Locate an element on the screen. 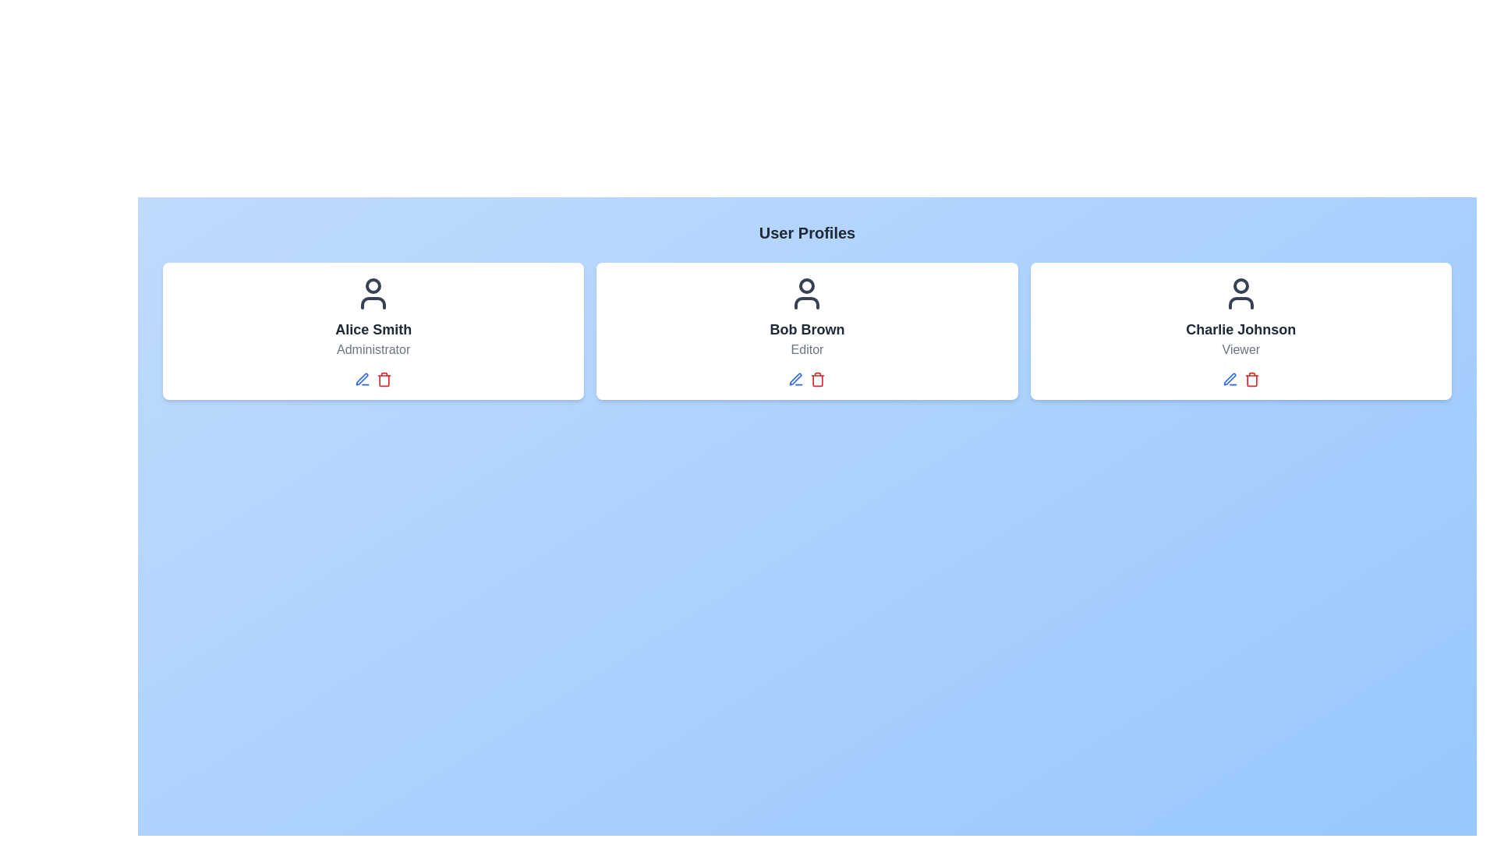 This screenshot has width=1497, height=842. the torso icon of the user avatar for 'Alice Smith', which is located below the head icon in the first profile card is located at coordinates (373, 303).